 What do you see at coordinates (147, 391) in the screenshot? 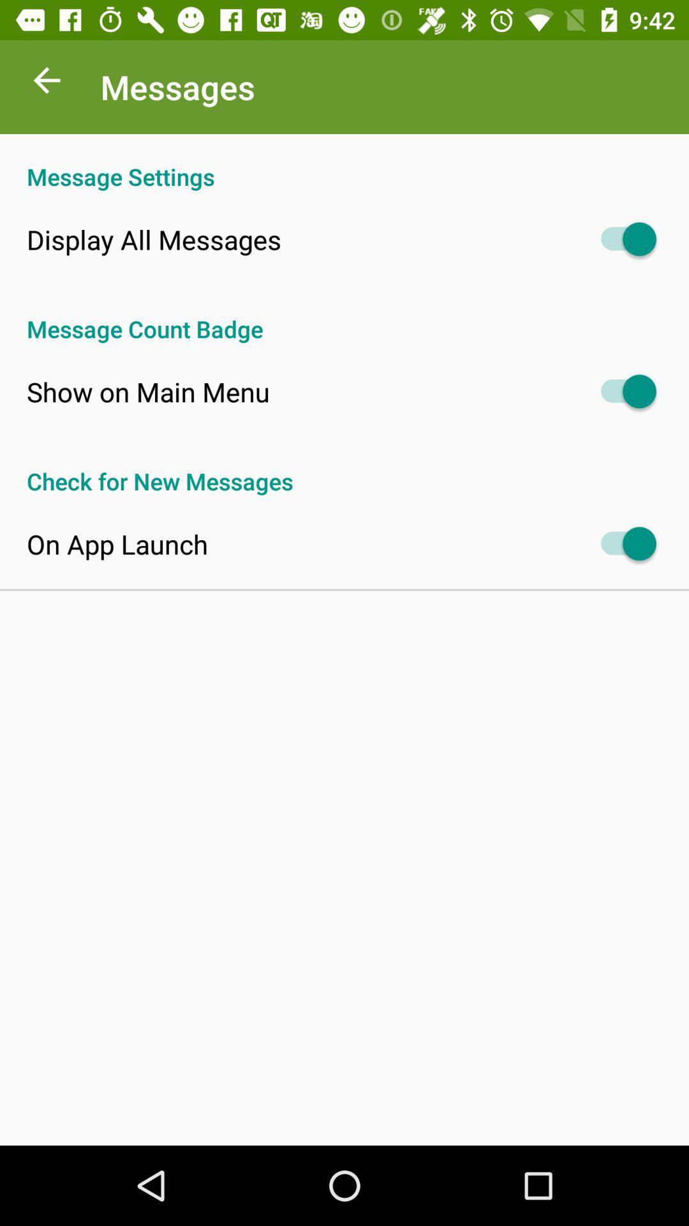
I see `the show on main` at bounding box center [147, 391].